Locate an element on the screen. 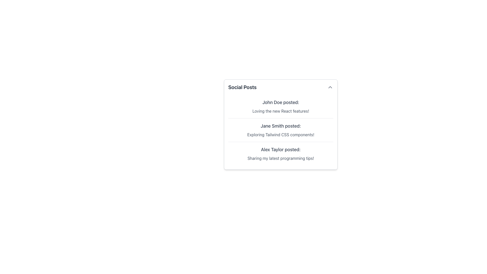 This screenshot has width=487, height=274. the text element reading 'Exploring Tailwind CSS components!' which is styled in gray and positioned below 'Jane Smith posted:' is located at coordinates (281, 134).